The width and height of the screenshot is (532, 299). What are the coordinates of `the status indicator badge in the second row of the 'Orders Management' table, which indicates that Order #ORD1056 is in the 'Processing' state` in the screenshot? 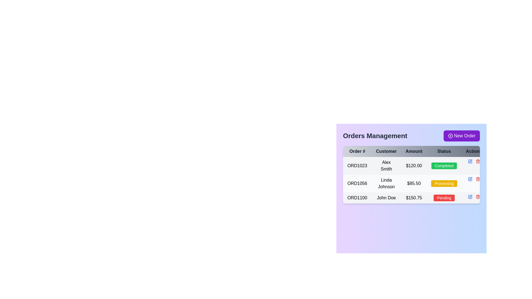 It's located at (444, 184).